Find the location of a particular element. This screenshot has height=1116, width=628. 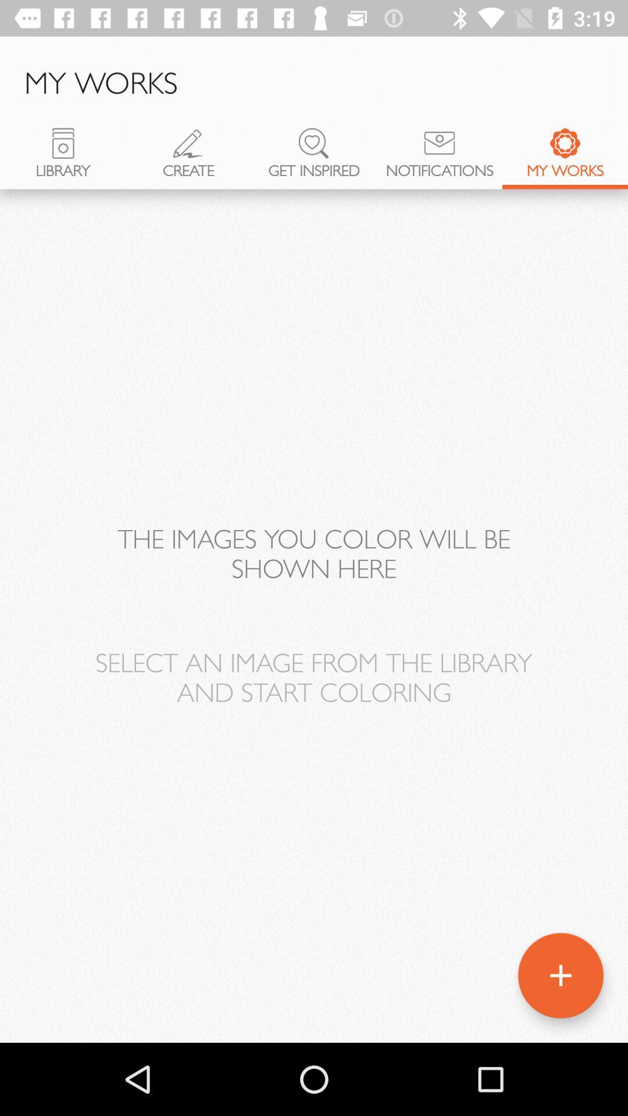

the add icon is located at coordinates (560, 975).